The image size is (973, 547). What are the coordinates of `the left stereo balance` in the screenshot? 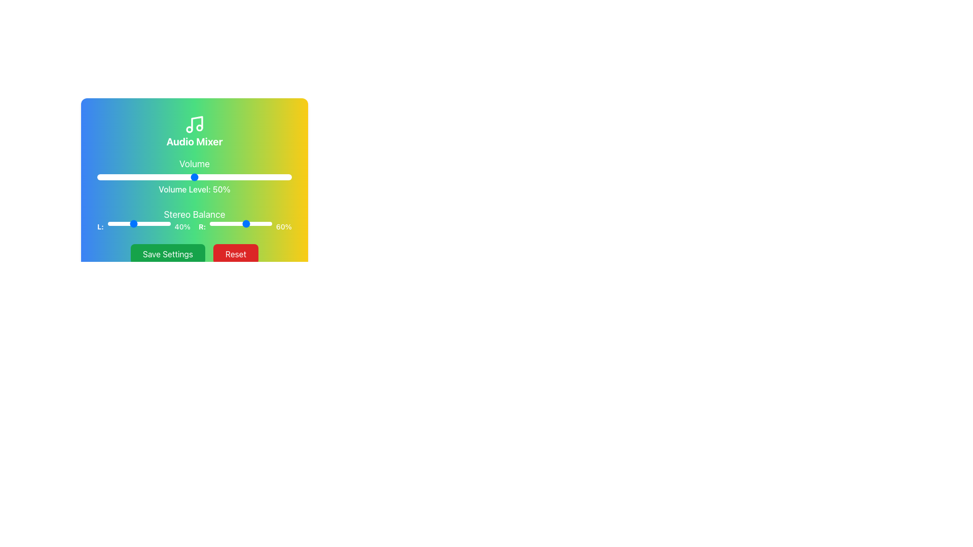 It's located at (165, 223).